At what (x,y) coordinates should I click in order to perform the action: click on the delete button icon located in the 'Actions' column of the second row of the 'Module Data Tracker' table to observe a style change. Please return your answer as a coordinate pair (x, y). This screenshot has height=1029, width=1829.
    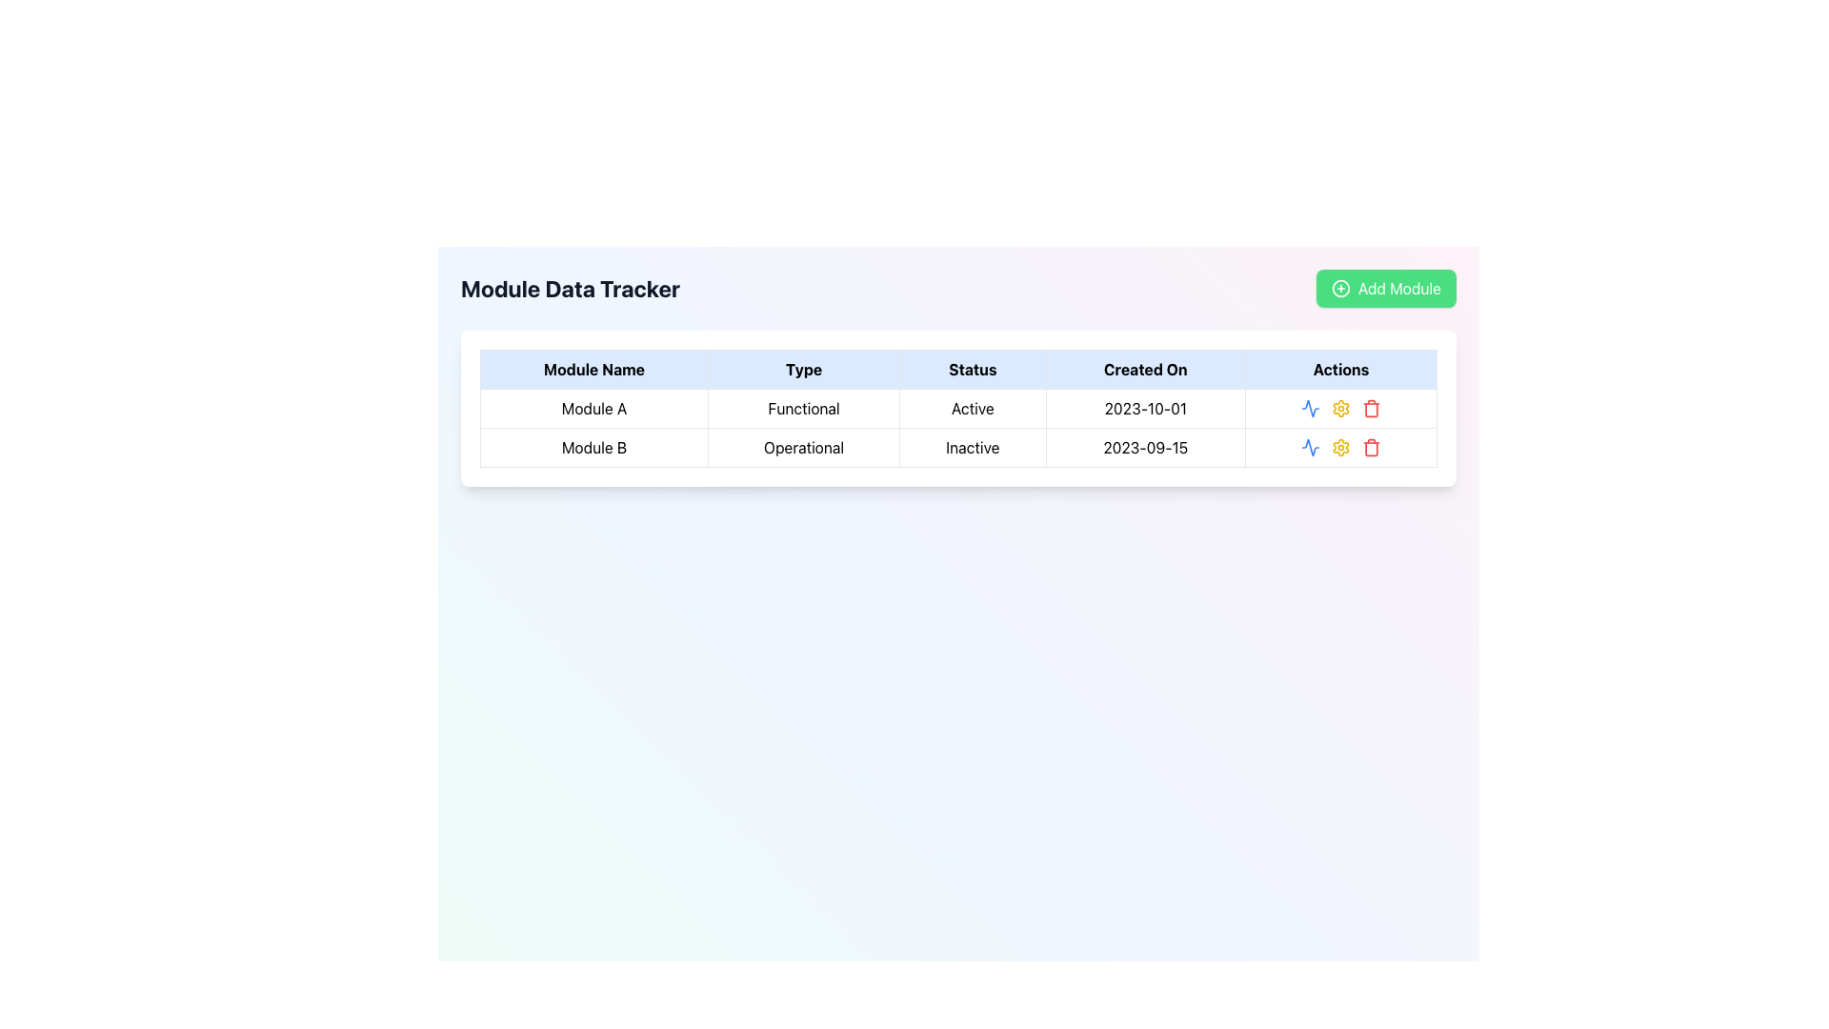
    Looking at the image, I should click on (1372, 448).